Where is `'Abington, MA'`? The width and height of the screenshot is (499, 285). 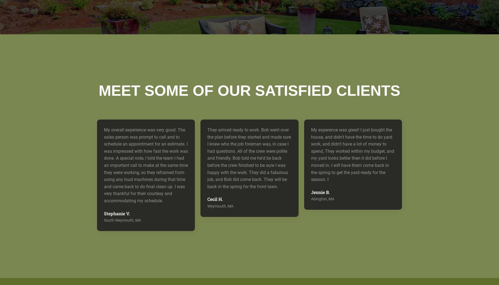
'Abington, MA' is located at coordinates (322, 199).